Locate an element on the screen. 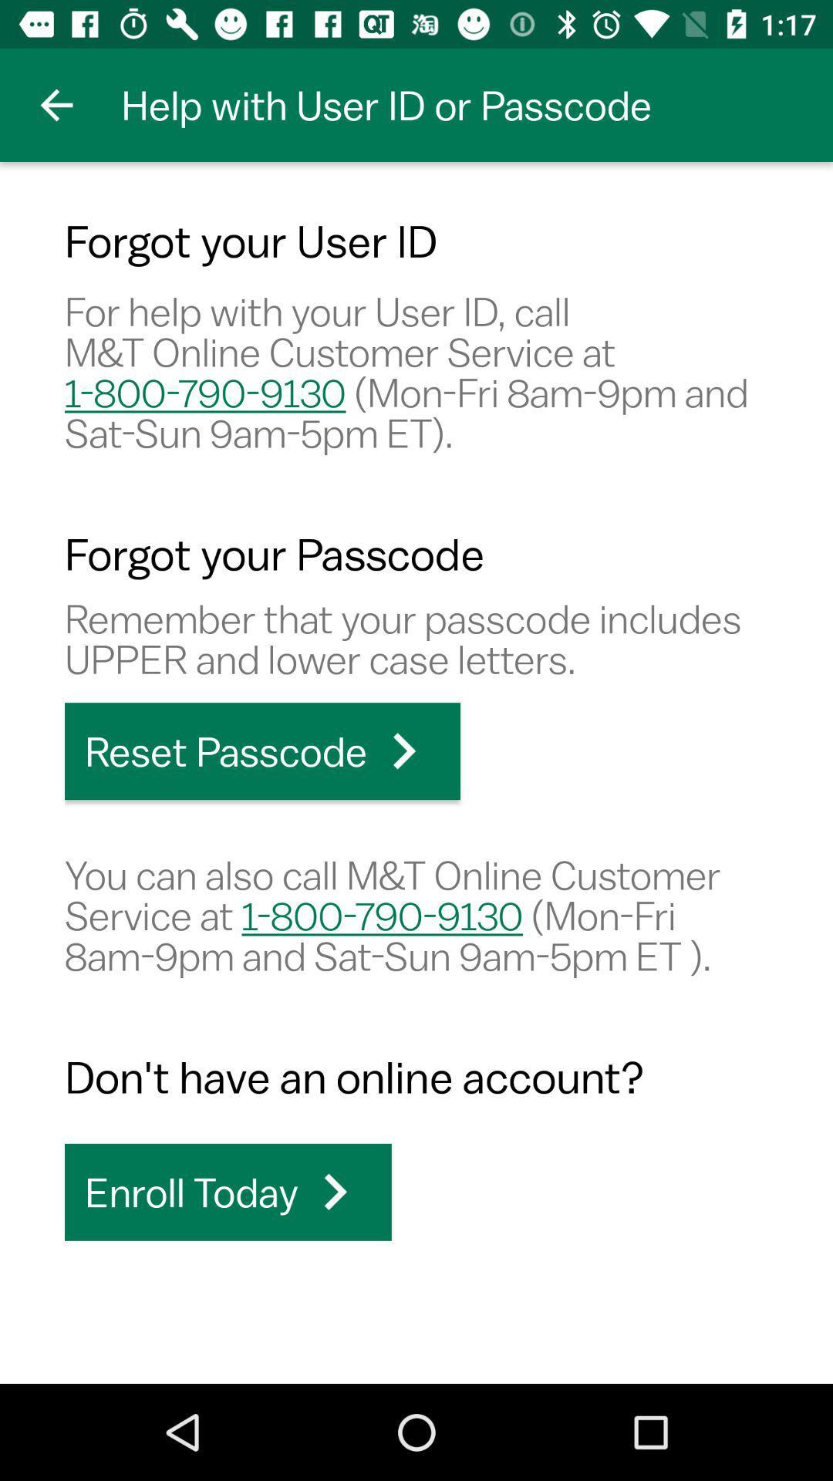 The height and width of the screenshot is (1481, 833). the icon on the left is located at coordinates (261, 751).